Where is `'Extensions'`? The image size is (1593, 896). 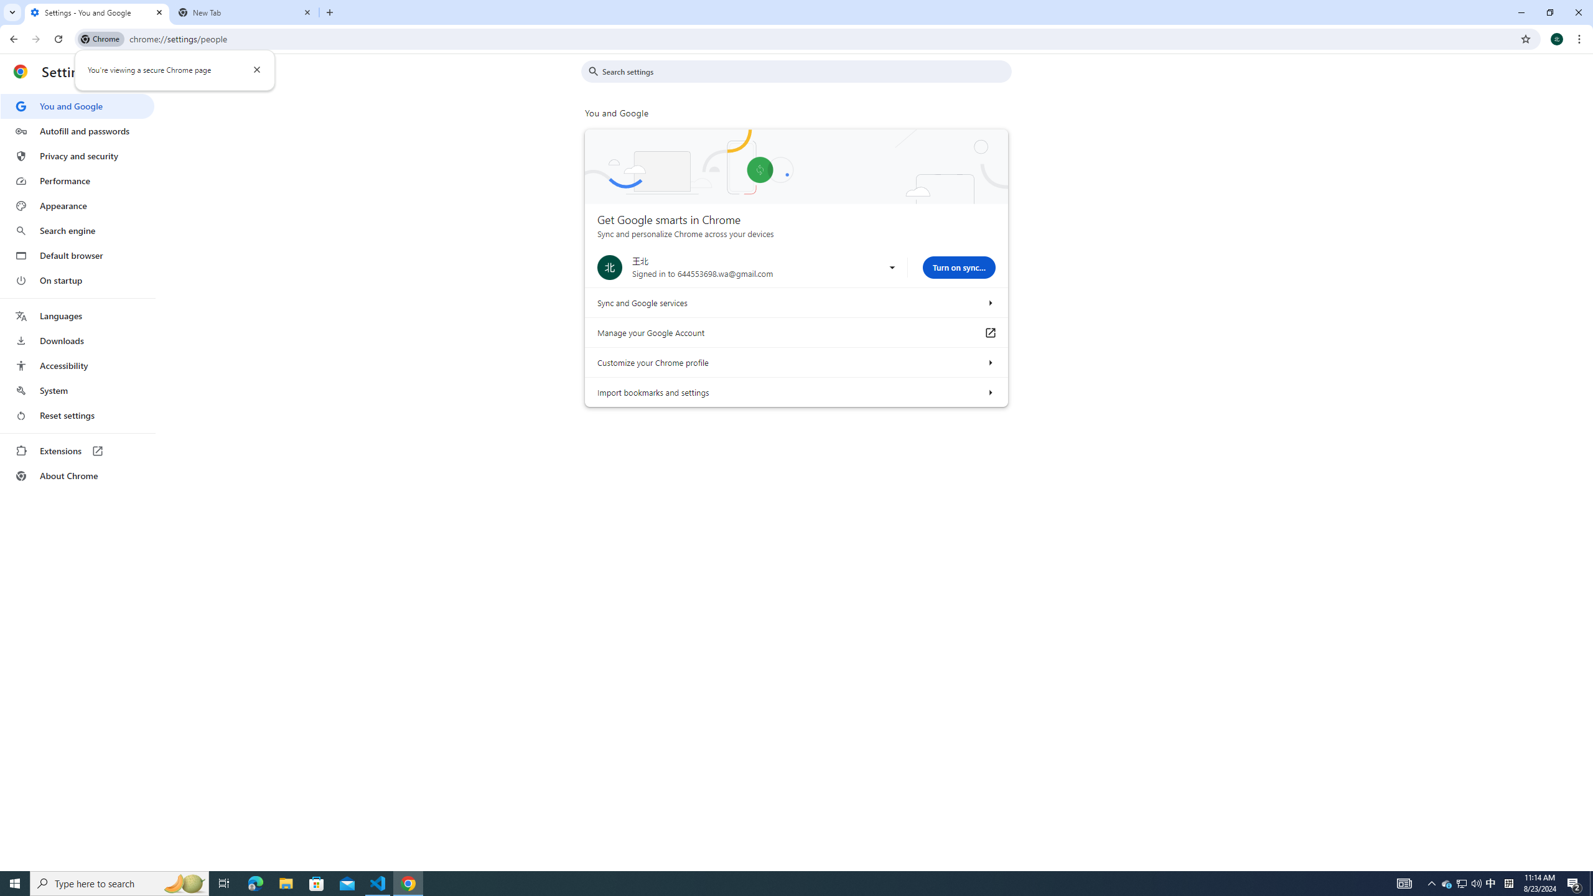
'Extensions' is located at coordinates (77, 450).